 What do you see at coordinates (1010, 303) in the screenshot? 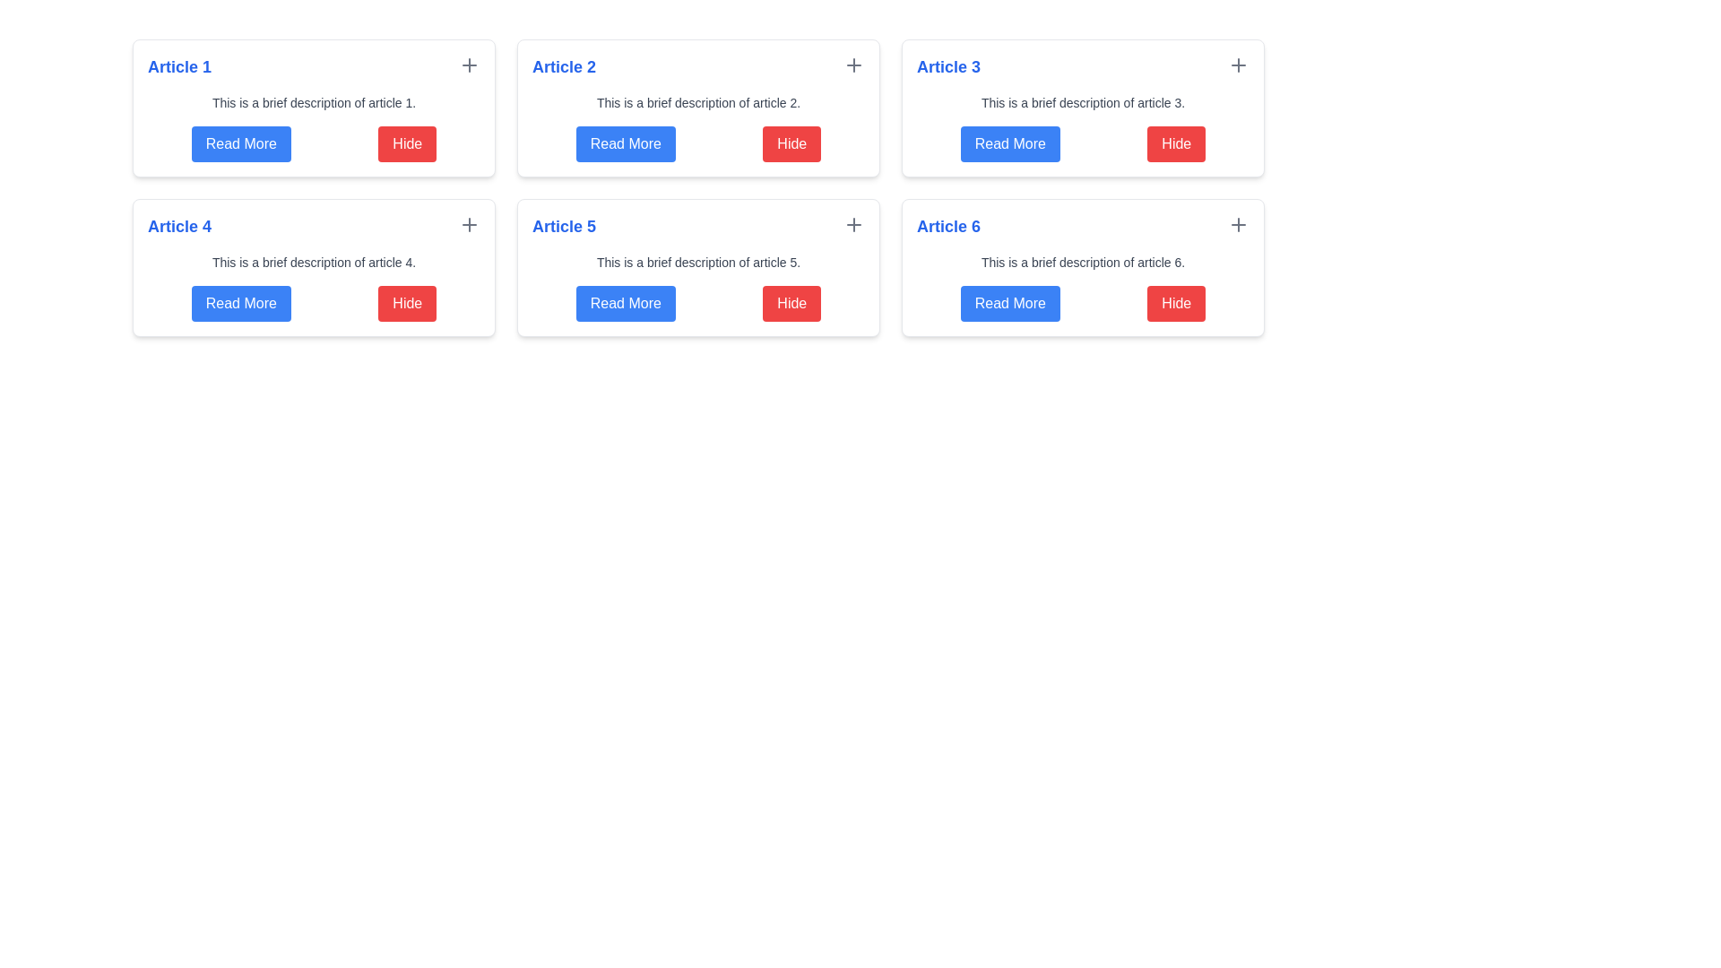
I see `the button` at bounding box center [1010, 303].